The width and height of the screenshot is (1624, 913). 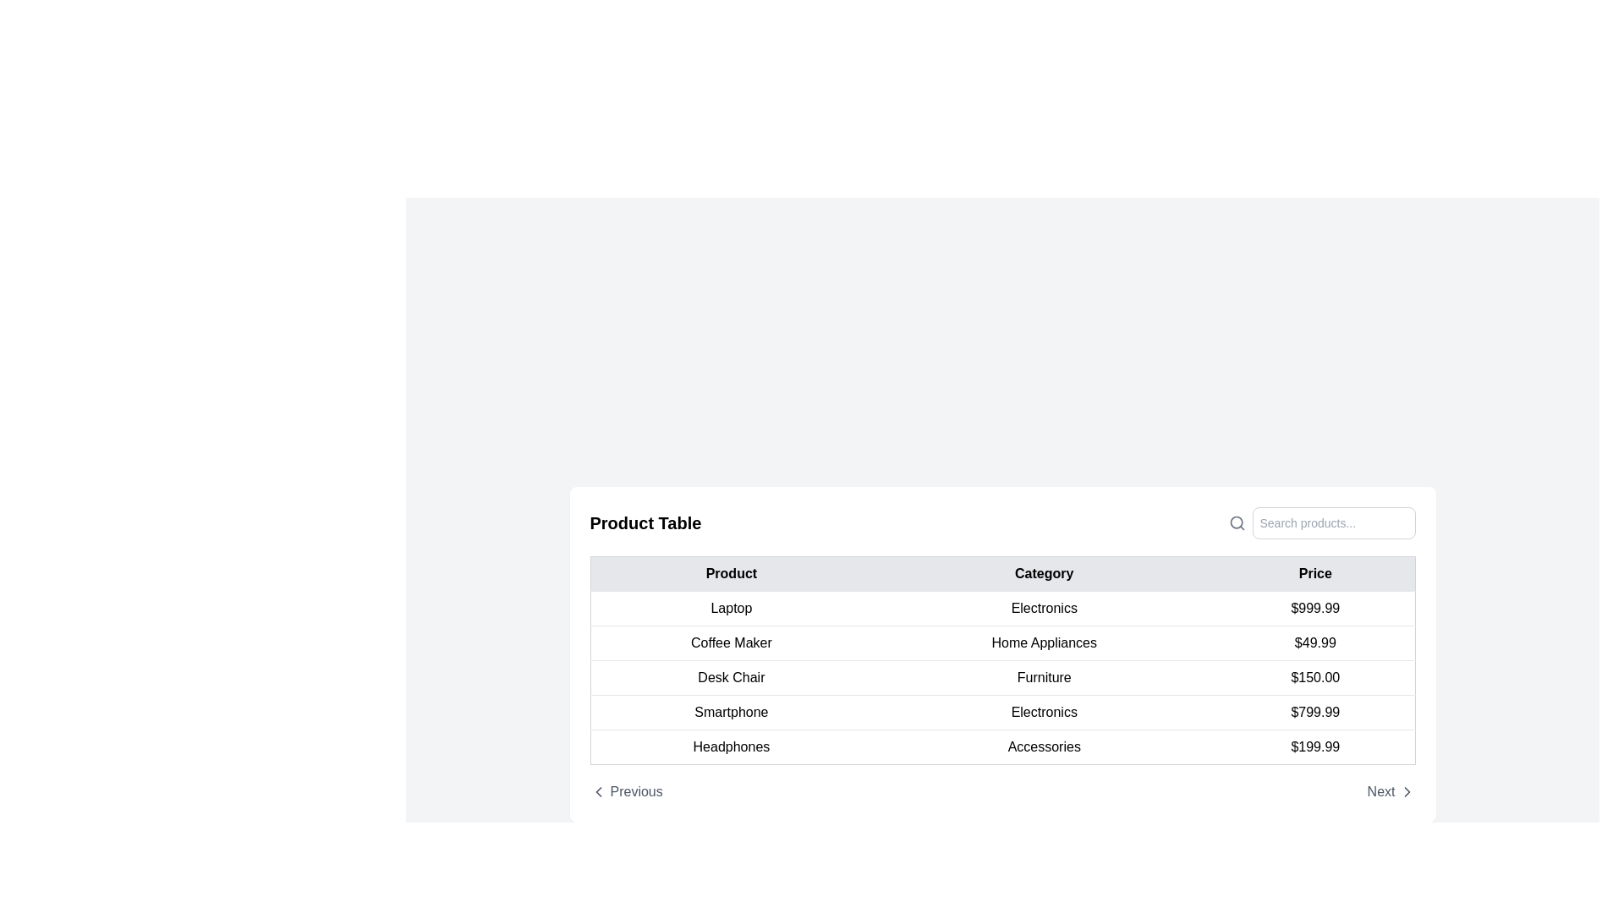 What do you see at coordinates (1314, 607) in the screenshot?
I see `the text content of the Price label displaying '$999.99' for the Laptop item in the table` at bounding box center [1314, 607].